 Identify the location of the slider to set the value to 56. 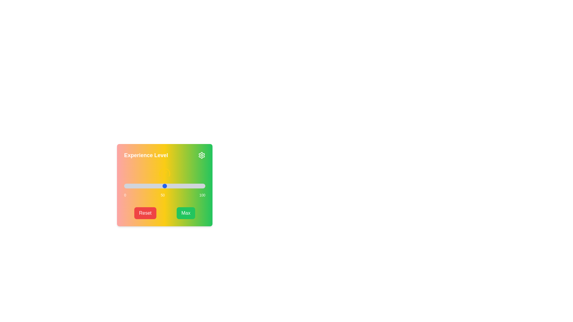
(169, 186).